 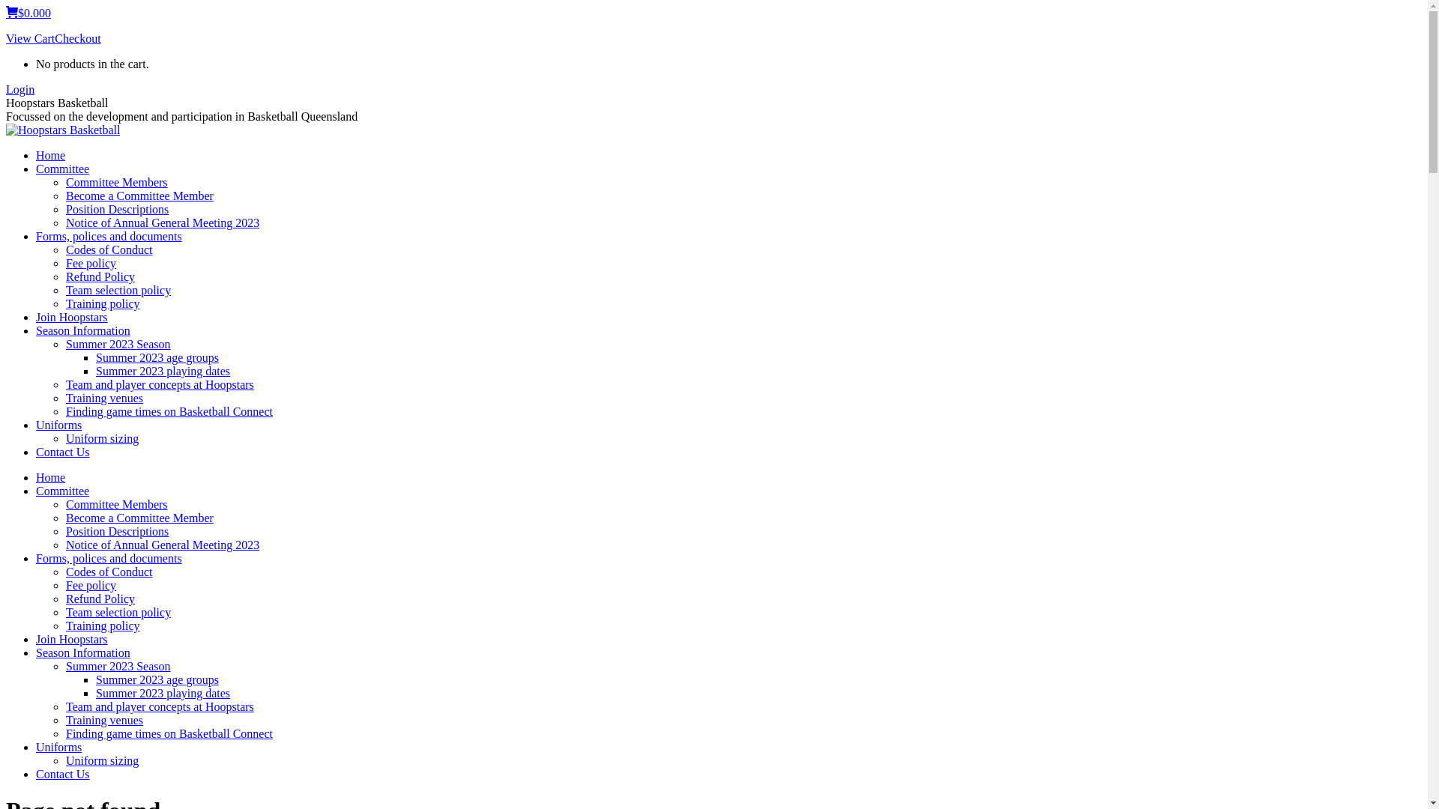 I want to click on 'Finding game times on Basketball Connect', so click(x=169, y=733).